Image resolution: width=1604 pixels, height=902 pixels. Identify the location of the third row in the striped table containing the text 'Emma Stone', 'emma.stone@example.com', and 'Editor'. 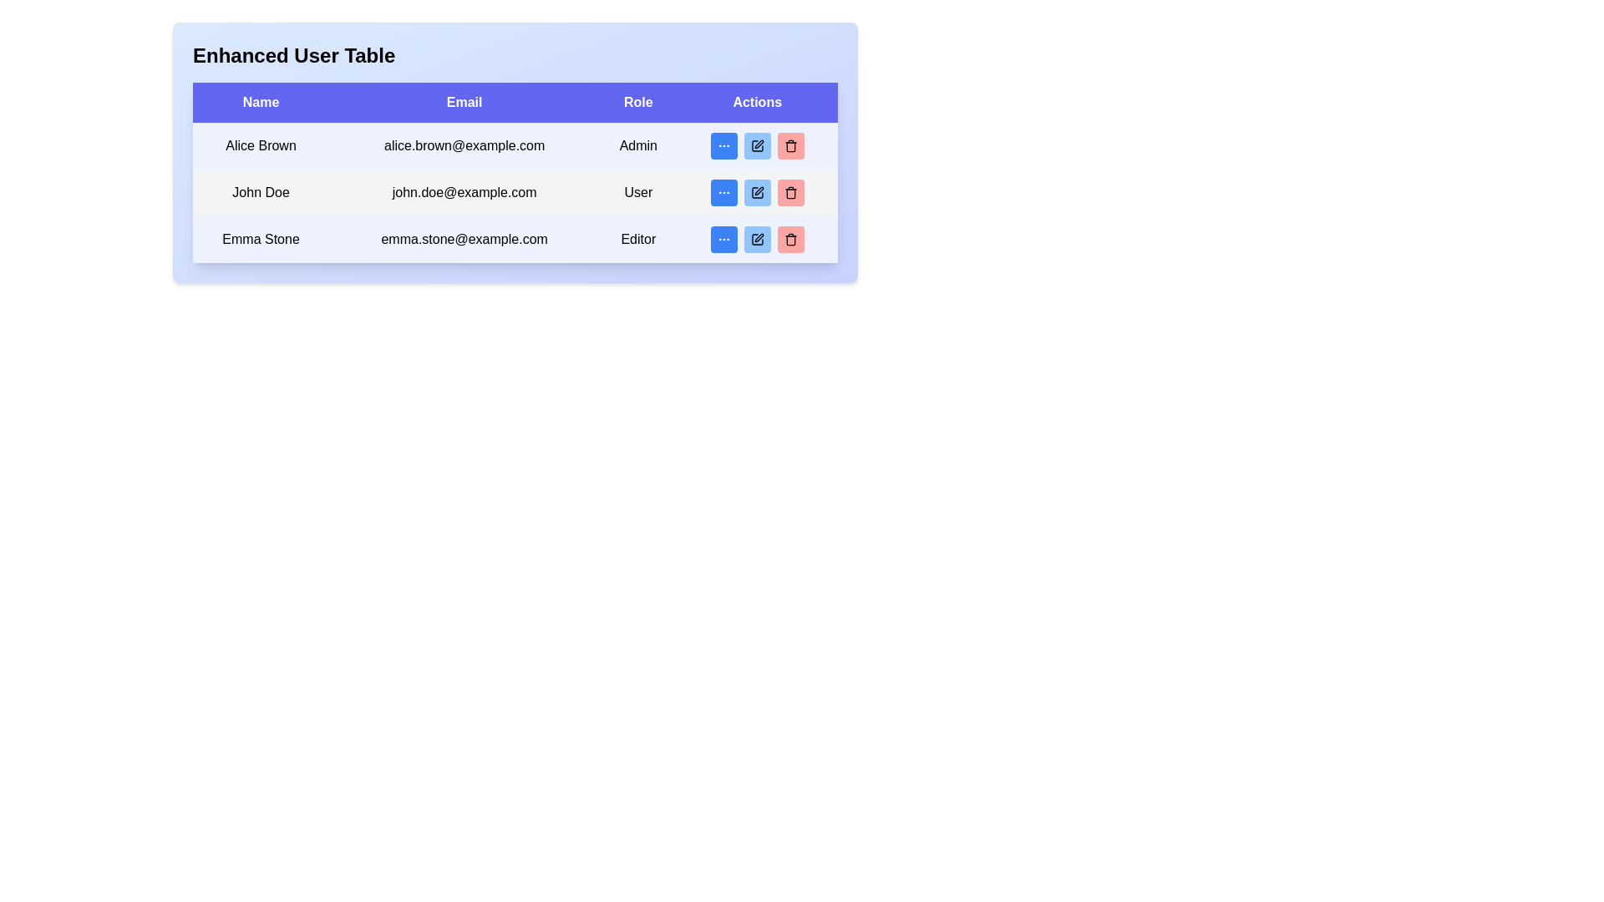
(515, 239).